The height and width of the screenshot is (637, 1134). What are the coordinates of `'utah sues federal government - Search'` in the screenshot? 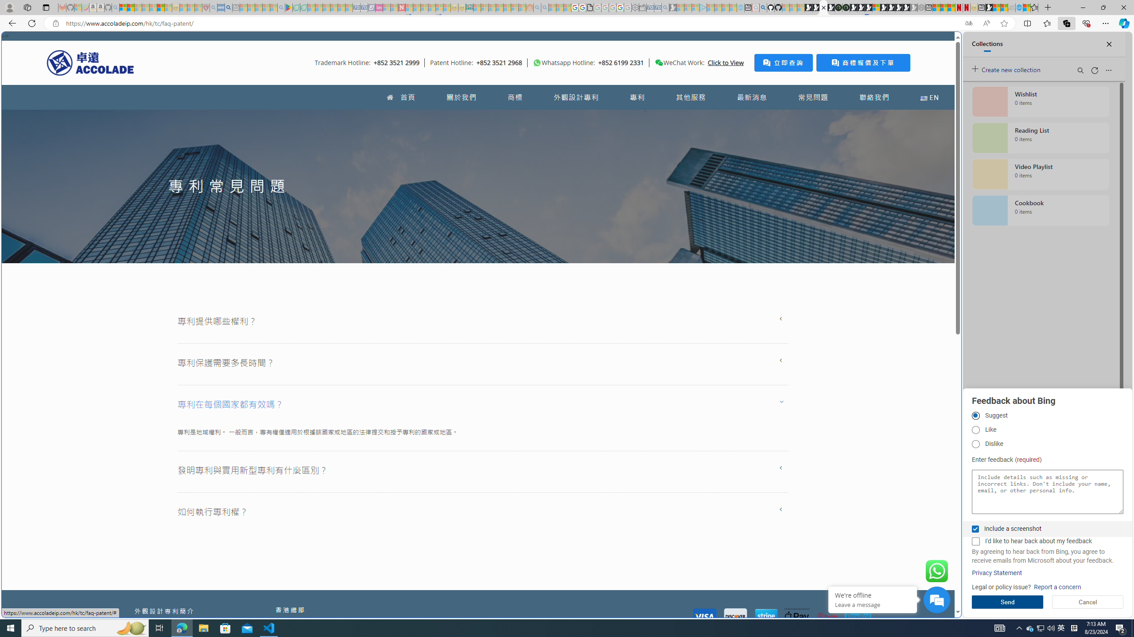 It's located at (718, 302).